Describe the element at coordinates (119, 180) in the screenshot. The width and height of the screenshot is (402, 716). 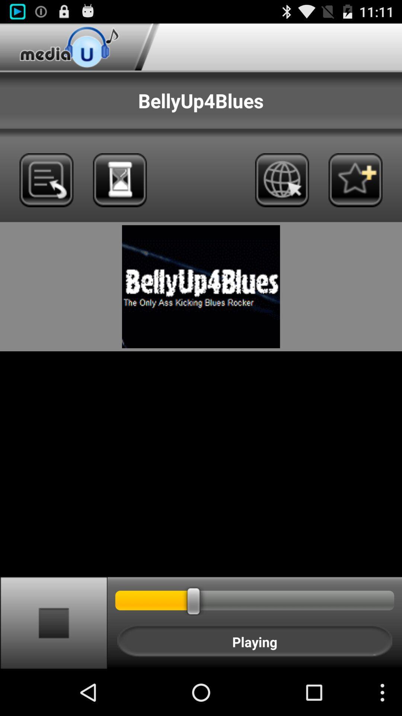
I see `set timer` at that location.